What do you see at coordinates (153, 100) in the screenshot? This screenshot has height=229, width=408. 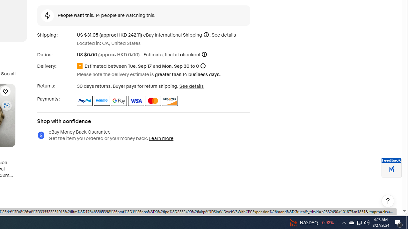 I see `'Master Card'` at bounding box center [153, 100].